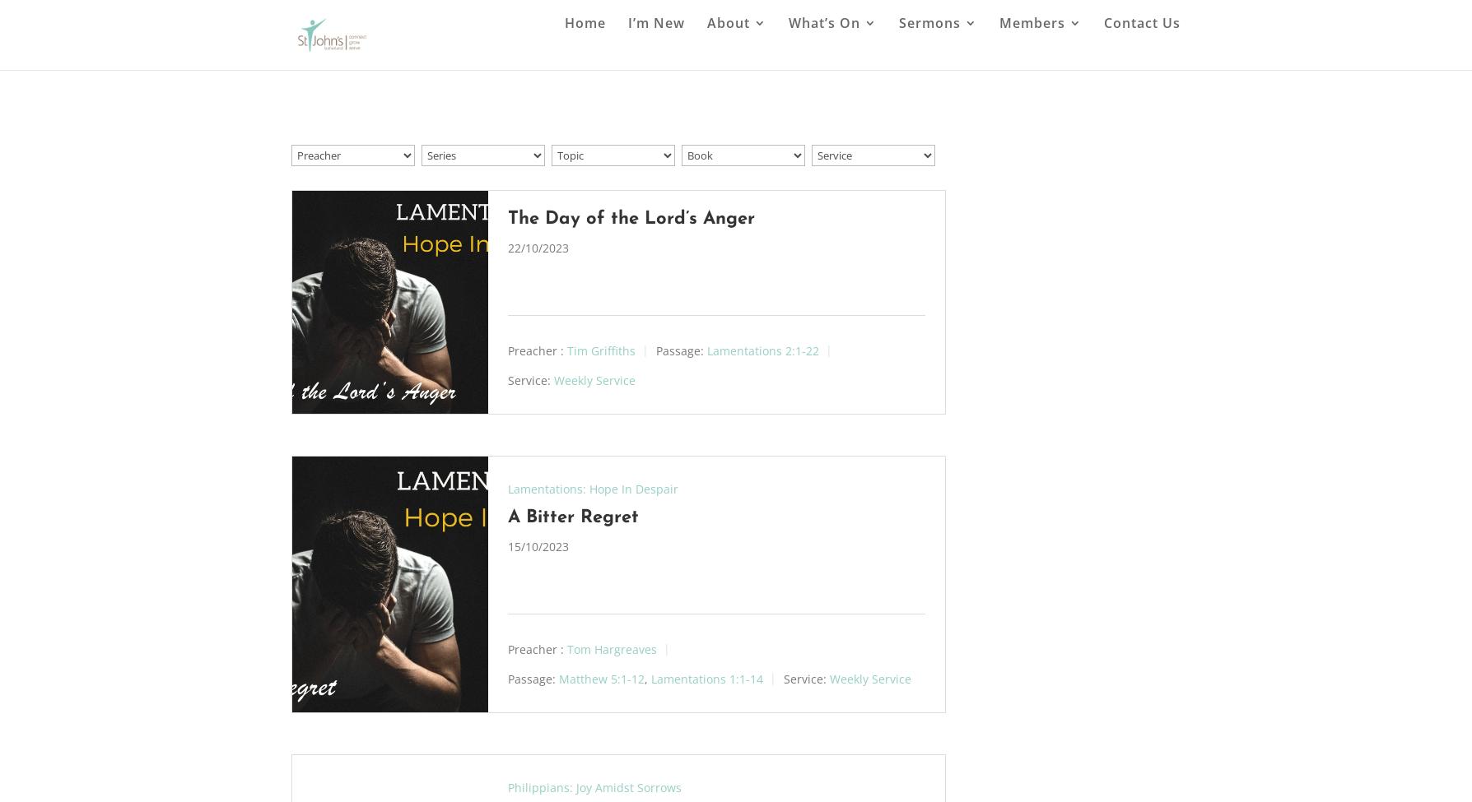  What do you see at coordinates (1088, 206) in the screenshot?
I see `'Members Portal (Jethro)'` at bounding box center [1088, 206].